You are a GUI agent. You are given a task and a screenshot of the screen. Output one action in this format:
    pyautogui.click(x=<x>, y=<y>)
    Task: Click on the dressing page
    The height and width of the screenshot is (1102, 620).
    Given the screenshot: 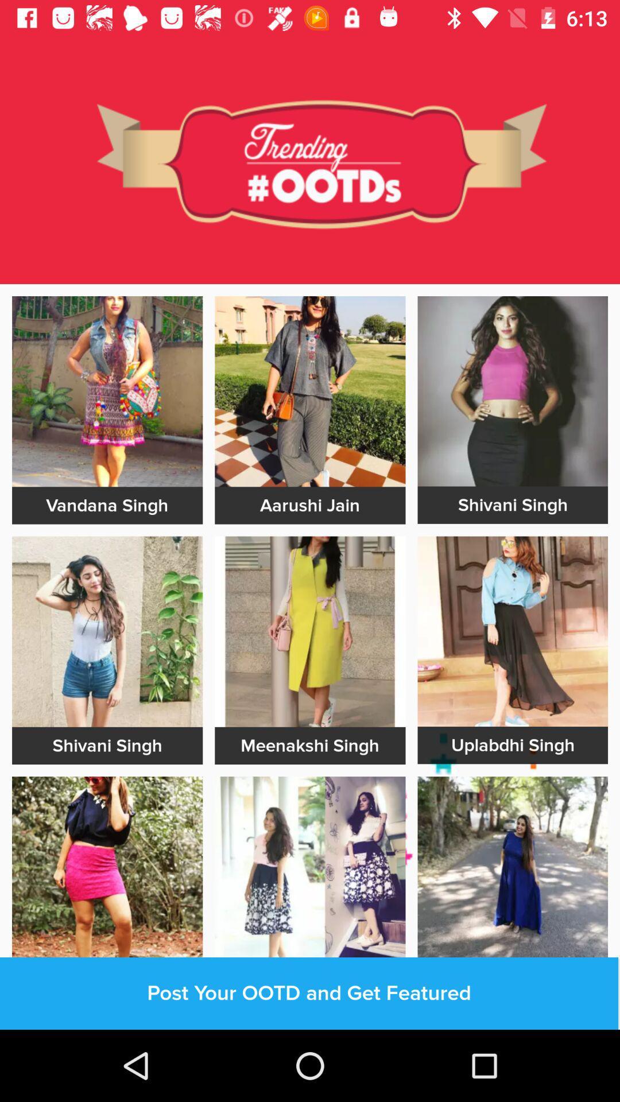 What is the action you would take?
    pyautogui.click(x=310, y=872)
    